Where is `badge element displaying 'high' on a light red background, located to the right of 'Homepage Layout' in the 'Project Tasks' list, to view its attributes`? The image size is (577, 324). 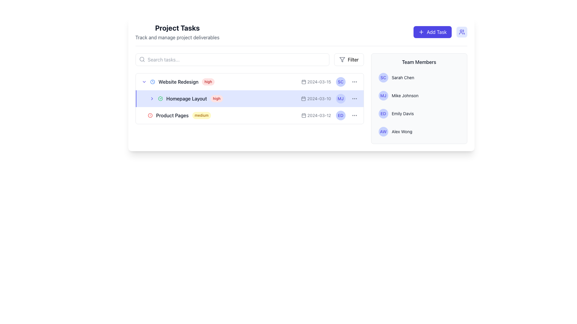 badge element displaying 'high' on a light red background, located to the right of 'Homepage Layout' in the 'Project Tasks' list, to view its attributes is located at coordinates (216, 98).